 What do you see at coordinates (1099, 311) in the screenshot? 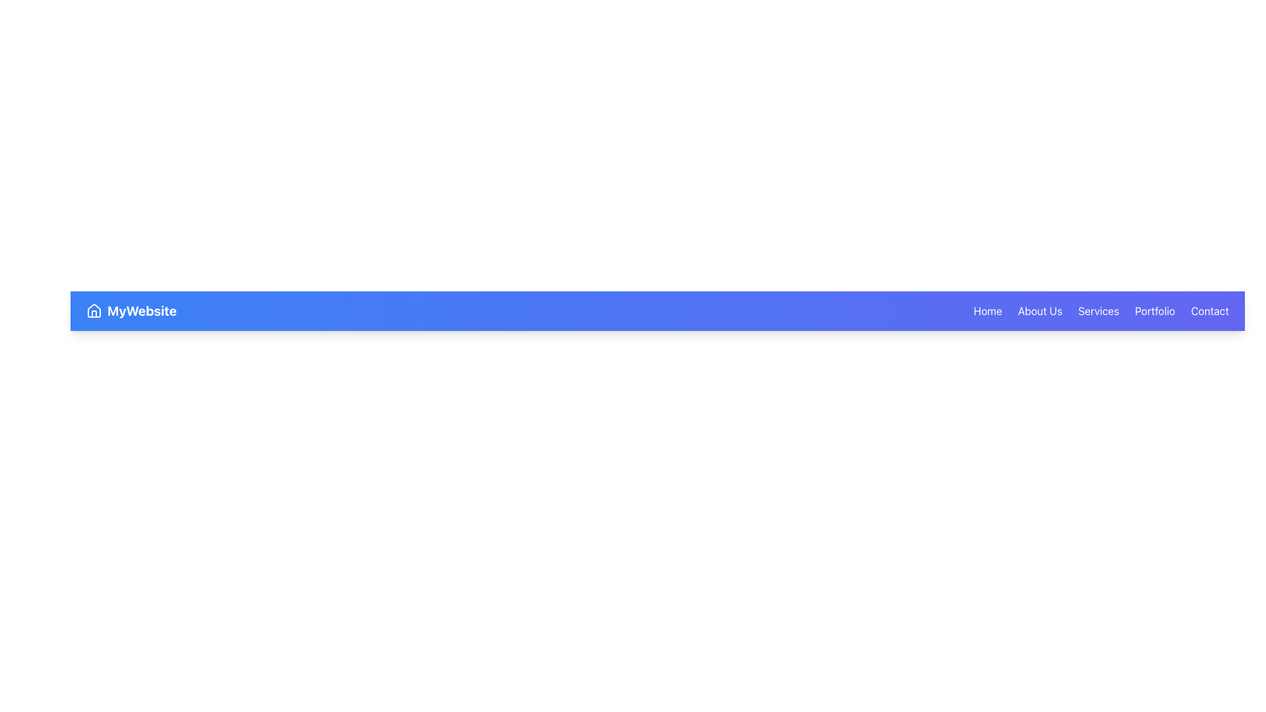
I see `the 'Services' hyperlink in the navigation bar to trigger the hover effect, which changes the text color to gray` at bounding box center [1099, 311].